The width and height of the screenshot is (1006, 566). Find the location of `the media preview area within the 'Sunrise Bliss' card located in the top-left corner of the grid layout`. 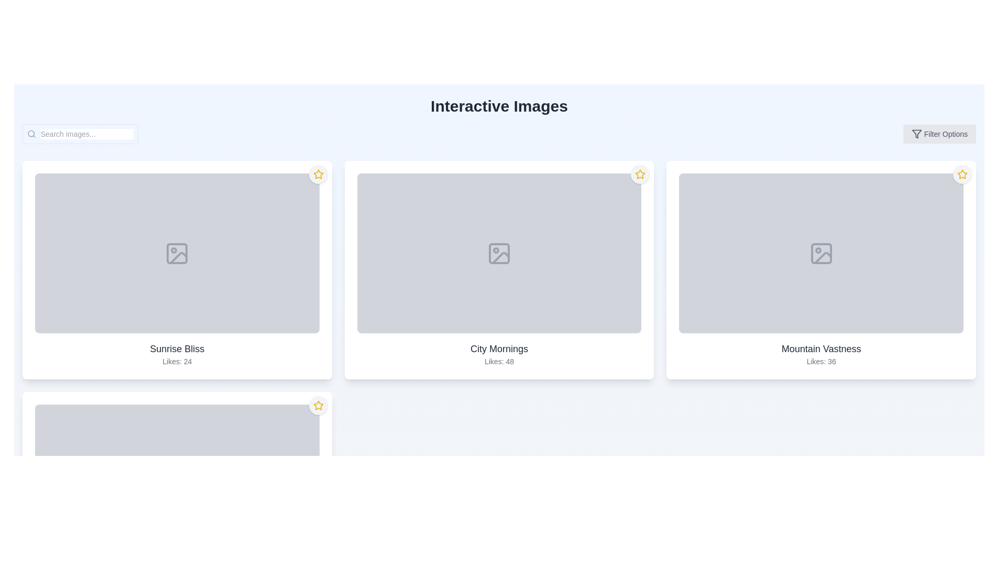

the media preview area within the 'Sunrise Bliss' card located in the top-left corner of the grid layout is located at coordinates (177, 253).